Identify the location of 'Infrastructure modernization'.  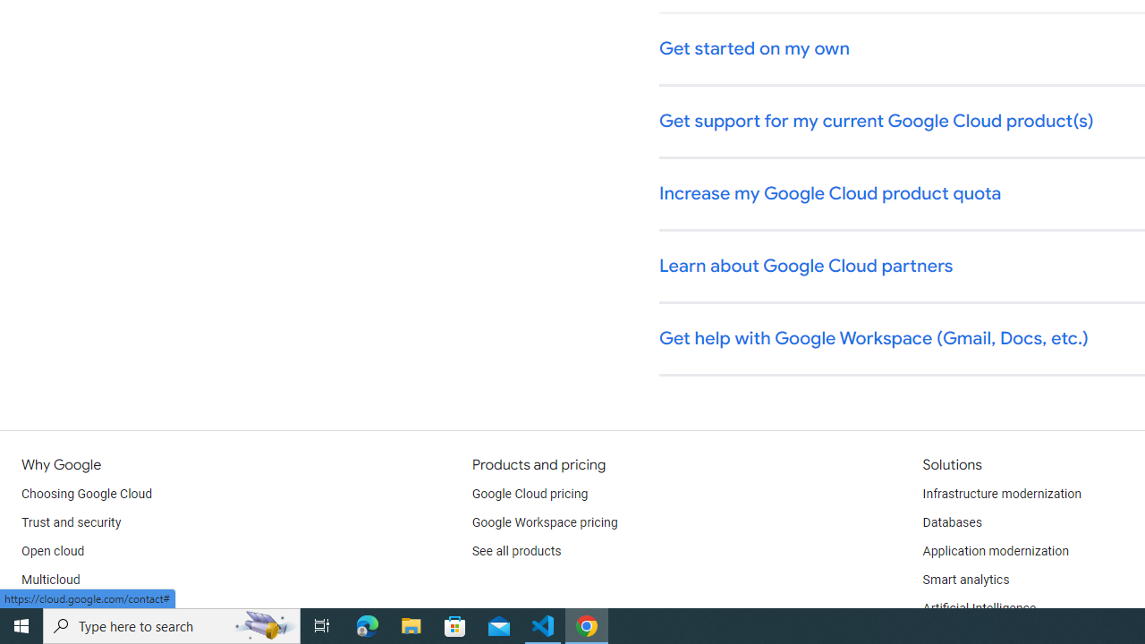
(1002, 494).